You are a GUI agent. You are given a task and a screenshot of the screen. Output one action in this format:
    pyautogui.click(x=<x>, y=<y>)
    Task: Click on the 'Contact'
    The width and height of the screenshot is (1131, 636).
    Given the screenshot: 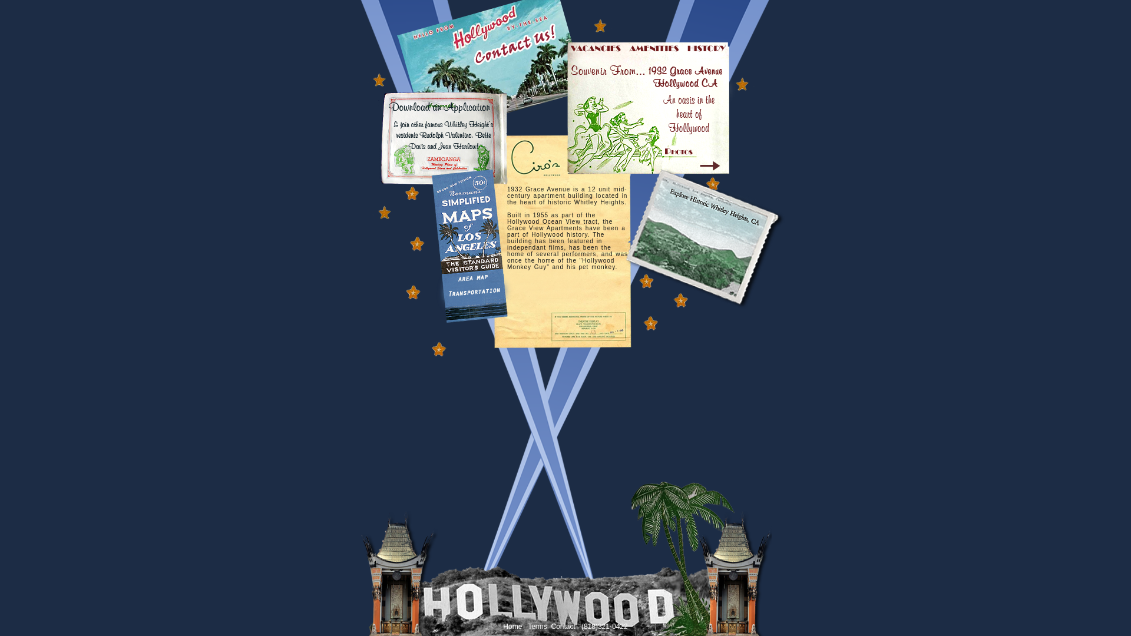 What is the action you would take?
    pyautogui.click(x=551, y=626)
    